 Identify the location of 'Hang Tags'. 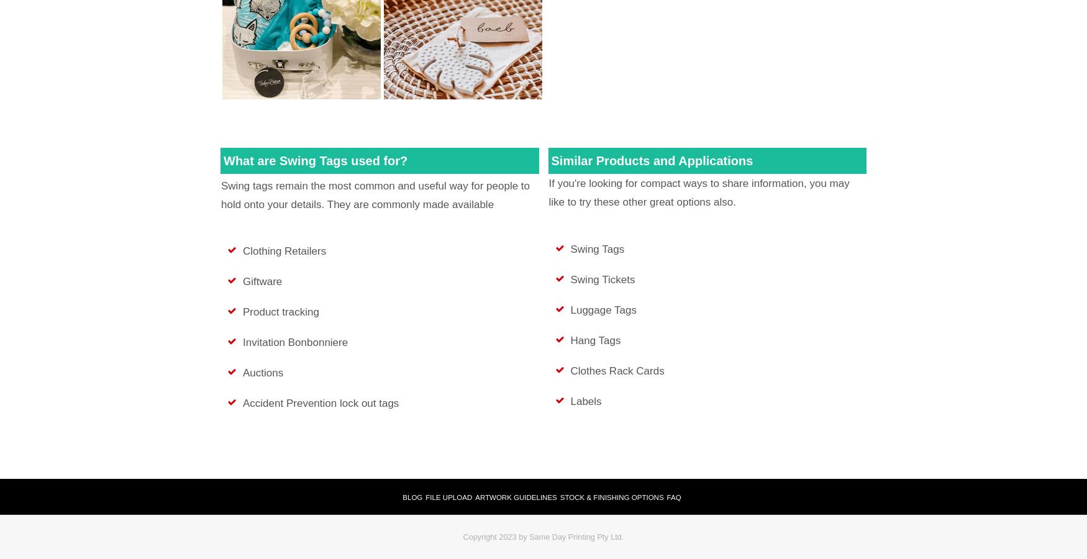
(595, 339).